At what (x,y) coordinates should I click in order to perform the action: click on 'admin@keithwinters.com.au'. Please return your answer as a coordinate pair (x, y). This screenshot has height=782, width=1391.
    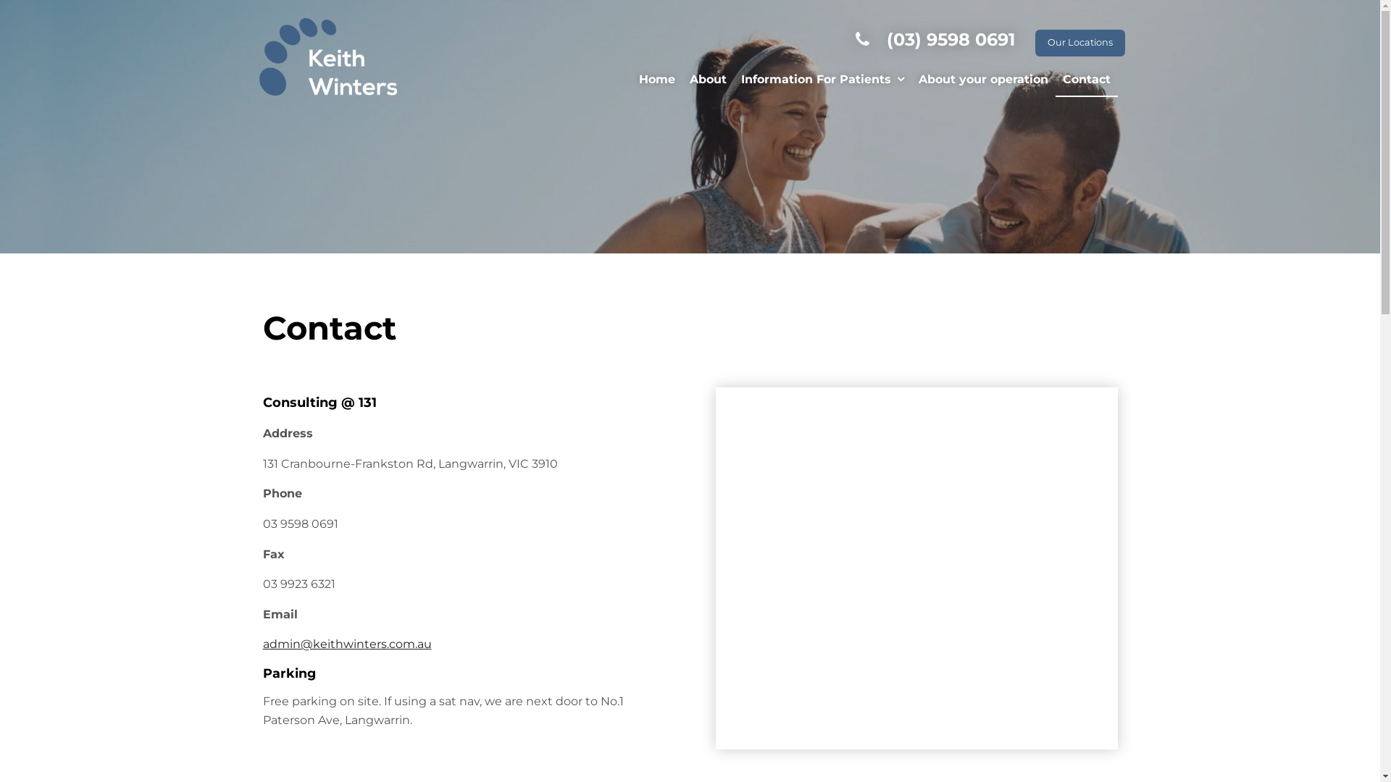
    Looking at the image, I should click on (262, 643).